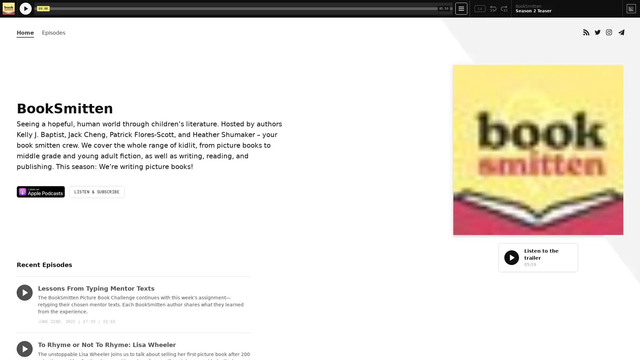 Image resolution: width=640 pixels, height=360 pixels. Describe the element at coordinates (24, 292) in the screenshot. I see `Play` at that location.